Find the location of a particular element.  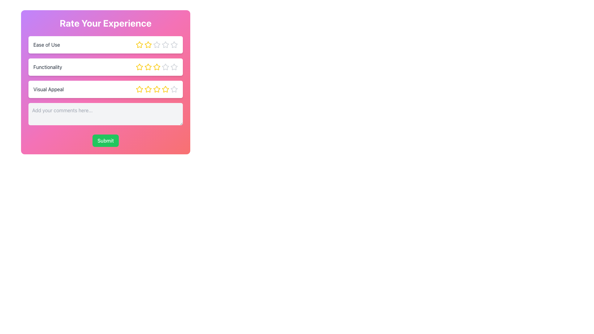

the third star in the 'Functionality' section of the 'Rate Your Experience' interface is located at coordinates (157, 67).